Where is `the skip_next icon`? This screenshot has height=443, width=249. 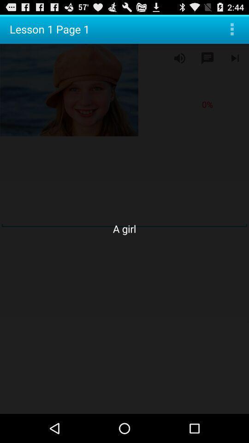
the skip_next icon is located at coordinates (235, 61).